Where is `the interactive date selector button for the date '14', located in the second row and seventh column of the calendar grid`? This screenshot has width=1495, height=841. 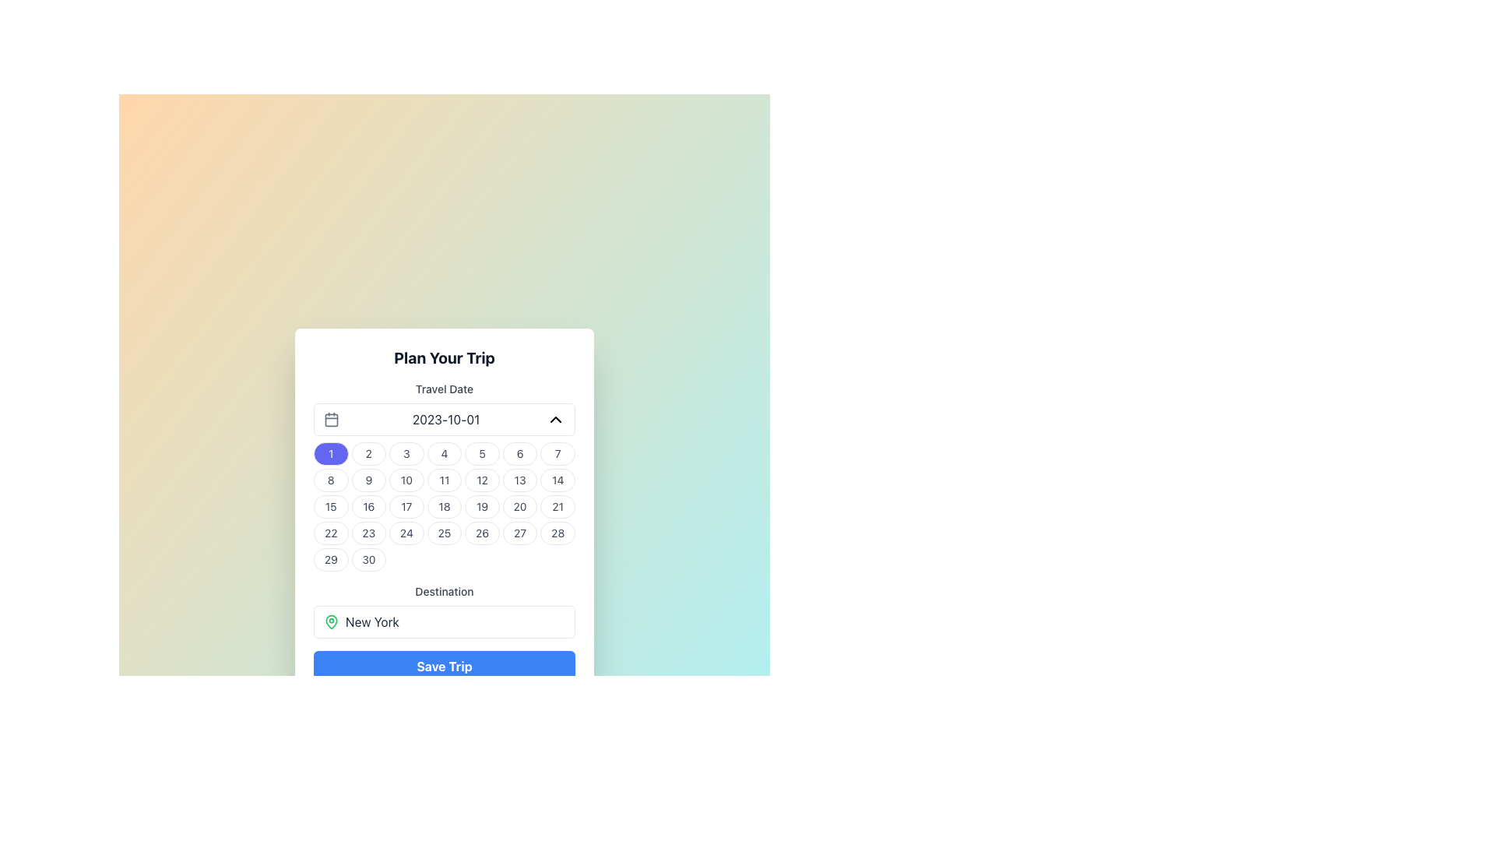 the interactive date selector button for the date '14', located in the second row and seventh column of the calendar grid is located at coordinates (558, 480).